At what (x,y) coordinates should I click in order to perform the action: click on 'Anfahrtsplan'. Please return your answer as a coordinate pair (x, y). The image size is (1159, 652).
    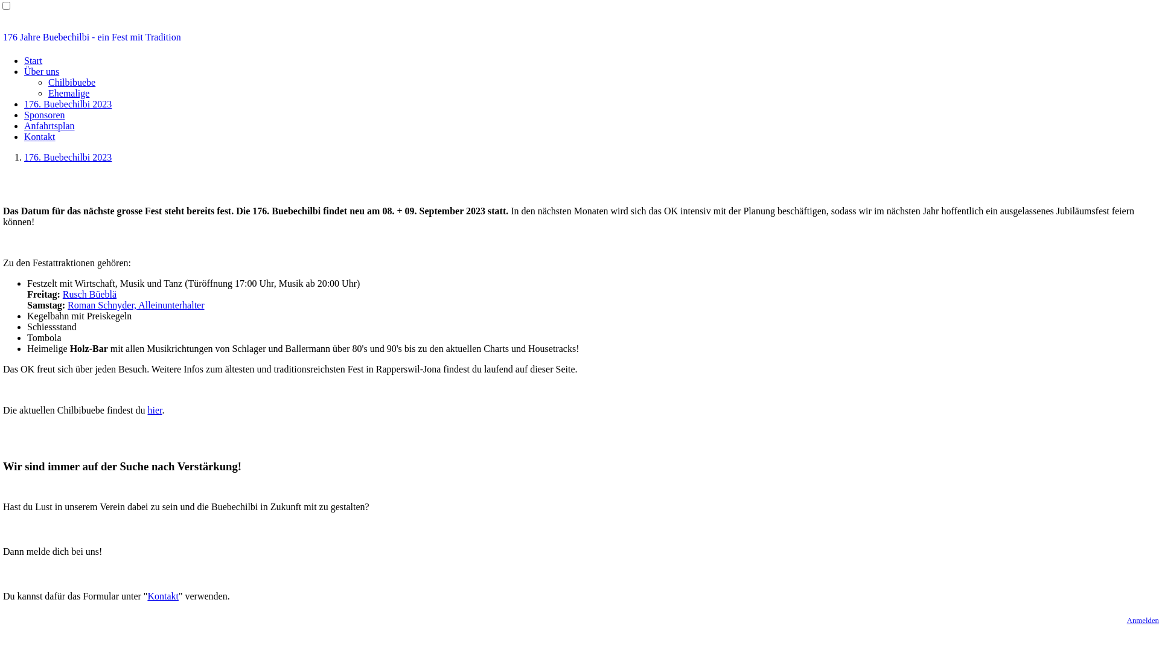
    Looking at the image, I should click on (48, 126).